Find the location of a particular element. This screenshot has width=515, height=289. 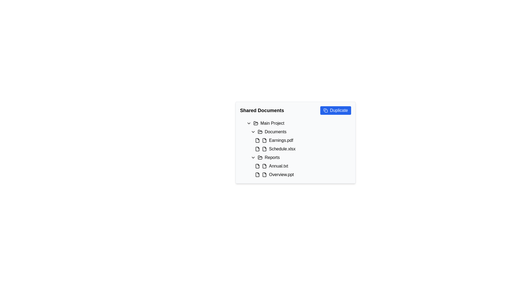

the file icon representing 'Annual.txt' is located at coordinates (264, 166).